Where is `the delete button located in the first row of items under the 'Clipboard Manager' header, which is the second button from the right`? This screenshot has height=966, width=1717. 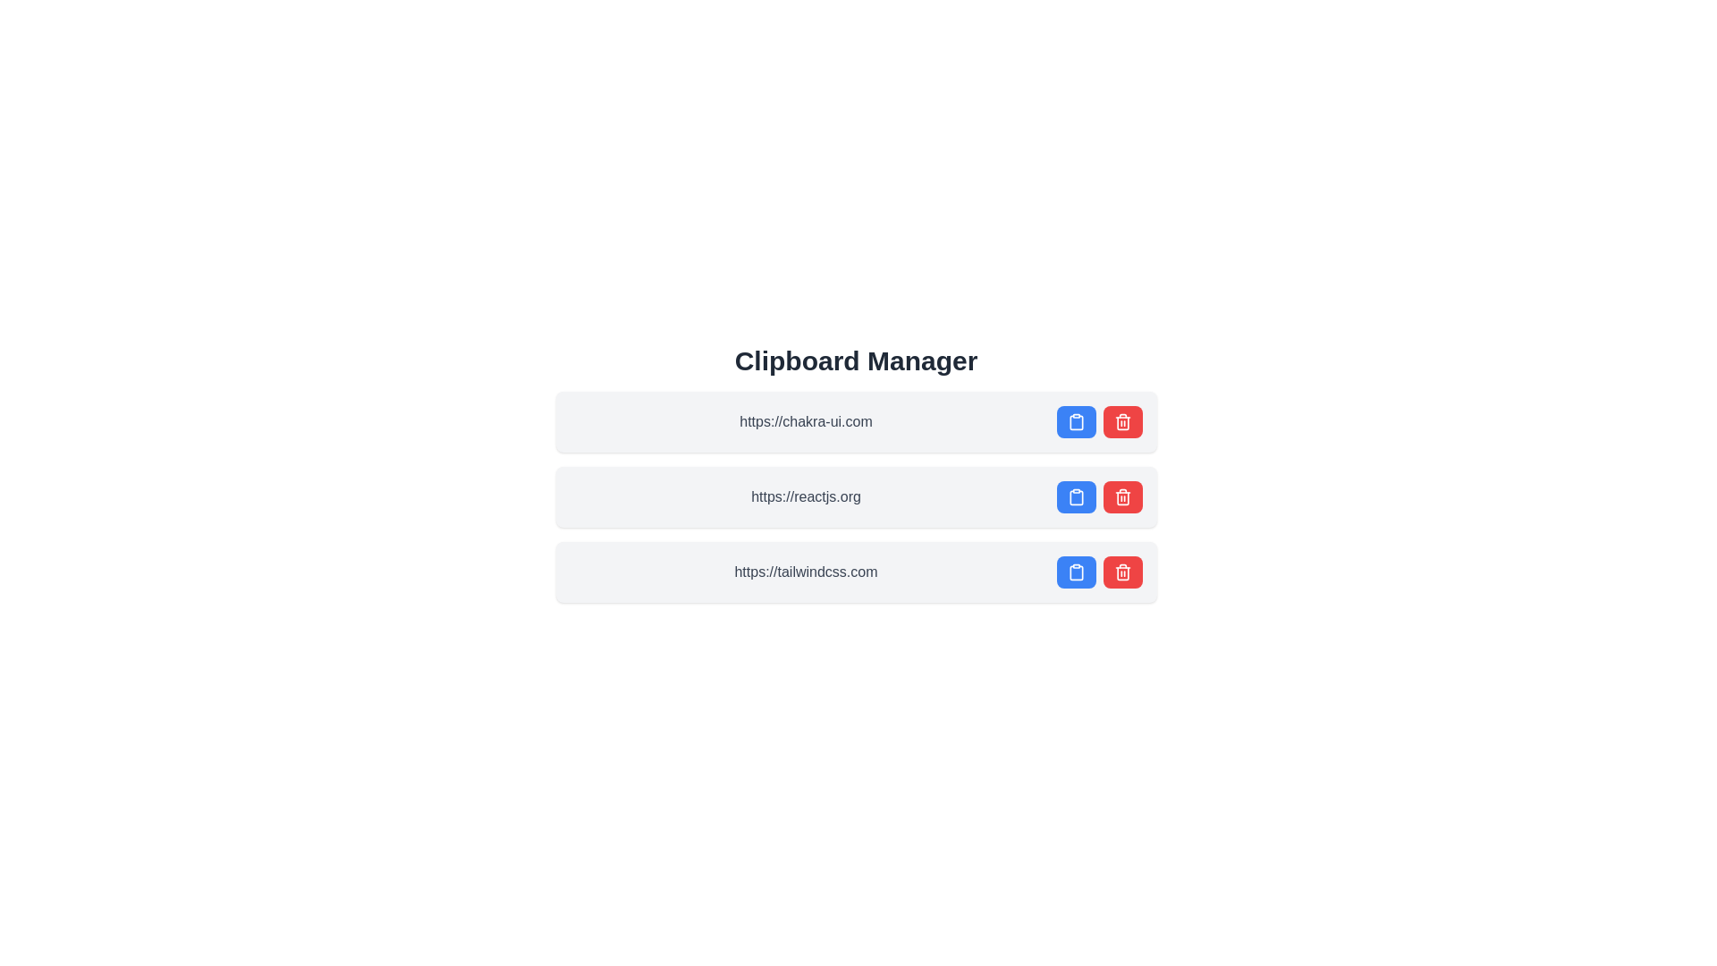
the delete button located in the first row of items under the 'Clipboard Manager' header, which is the second button from the right is located at coordinates (1098, 421).